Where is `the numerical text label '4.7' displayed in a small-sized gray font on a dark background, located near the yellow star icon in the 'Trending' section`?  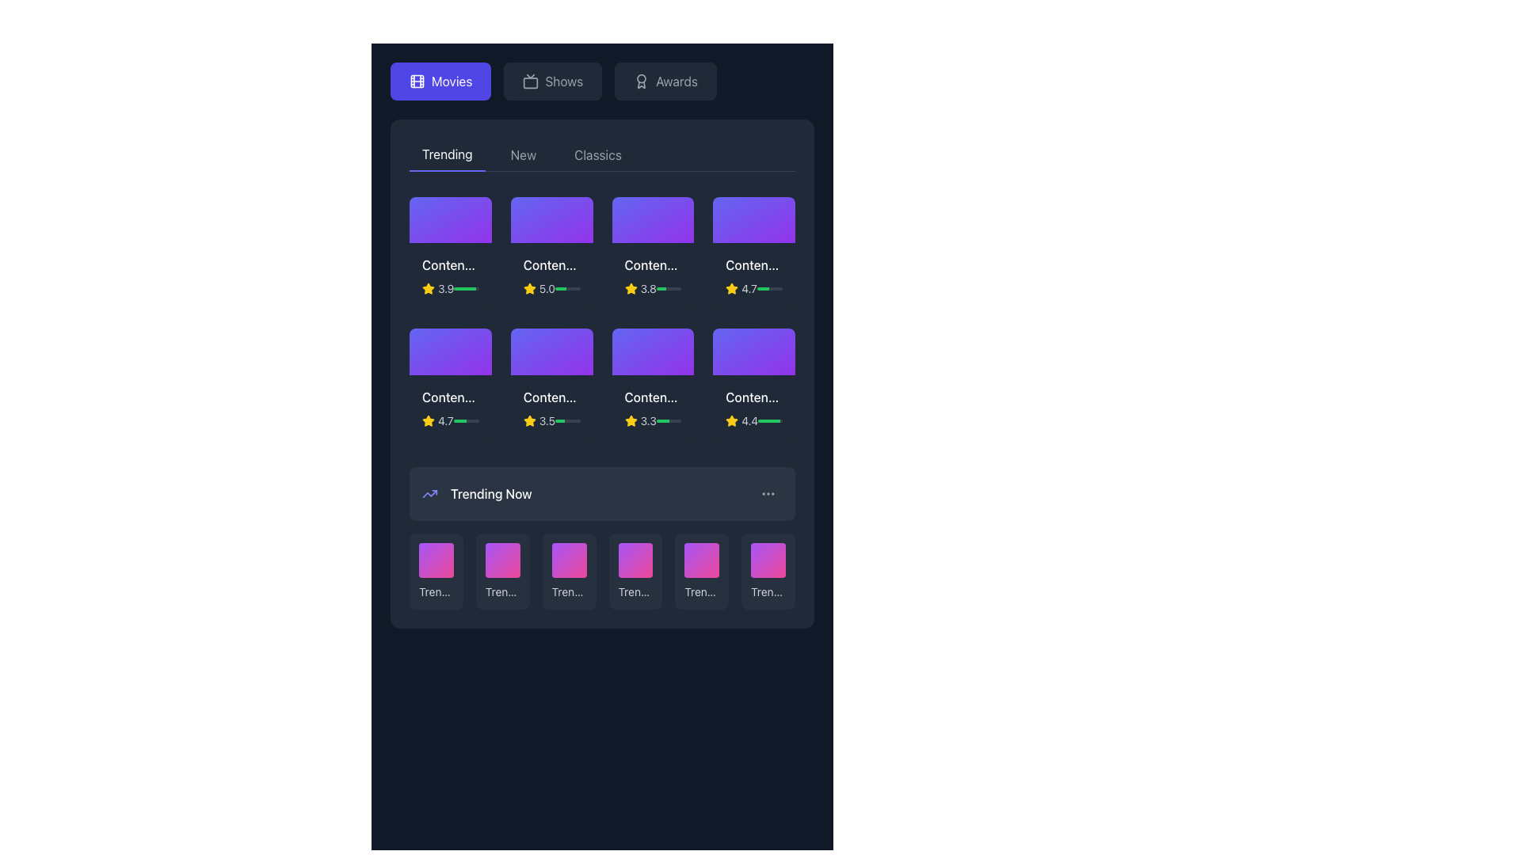 the numerical text label '4.7' displayed in a small-sized gray font on a dark background, located near the yellow star icon in the 'Trending' section is located at coordinates (444, 420).